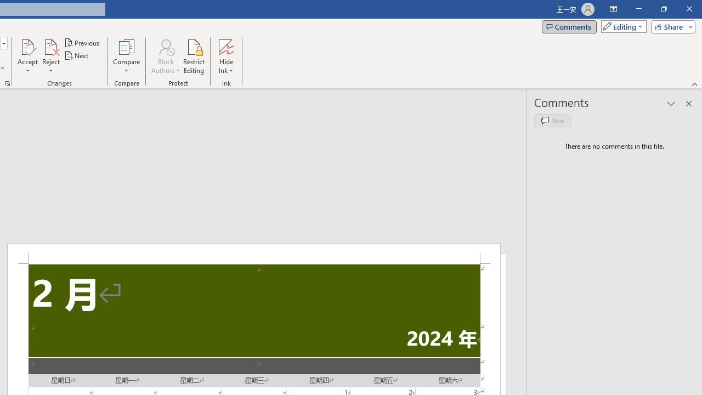  What do you see at coordinates (8, 82) in the screenshot?
I see `'Change Tracking Options...'` at bounding box center [8, 82].